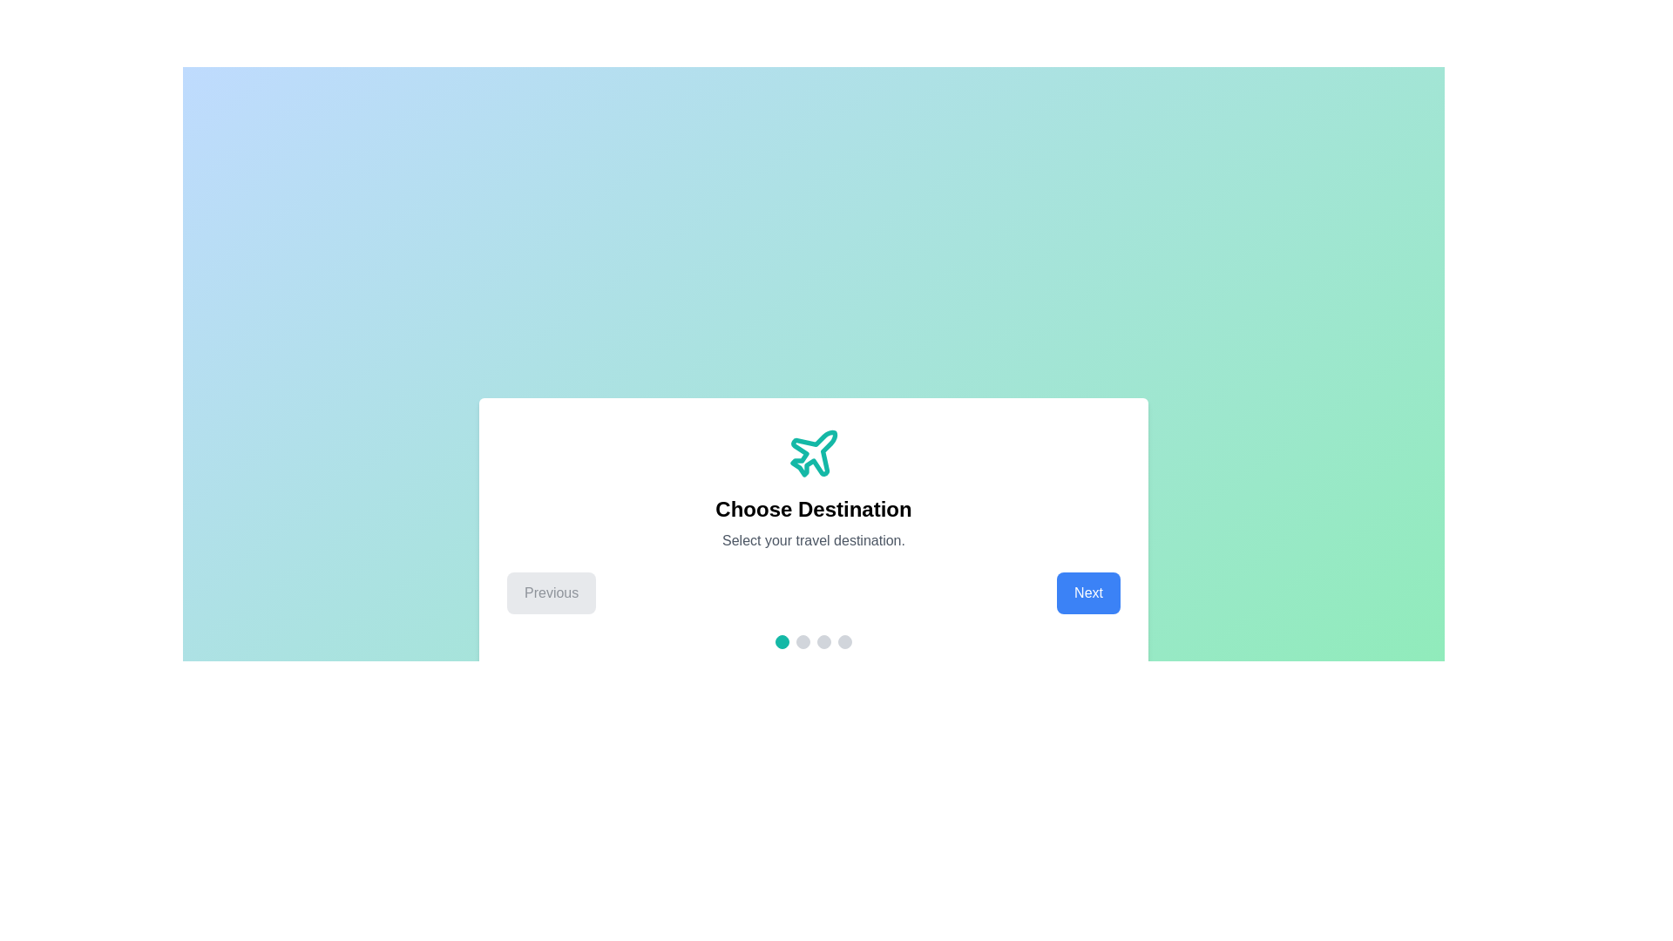 The width and height of the screenshot is (1673, 941). Describe the element at coordinates (823, 641) in the screenshot. I see `the progress indicator for step 3` at that location.